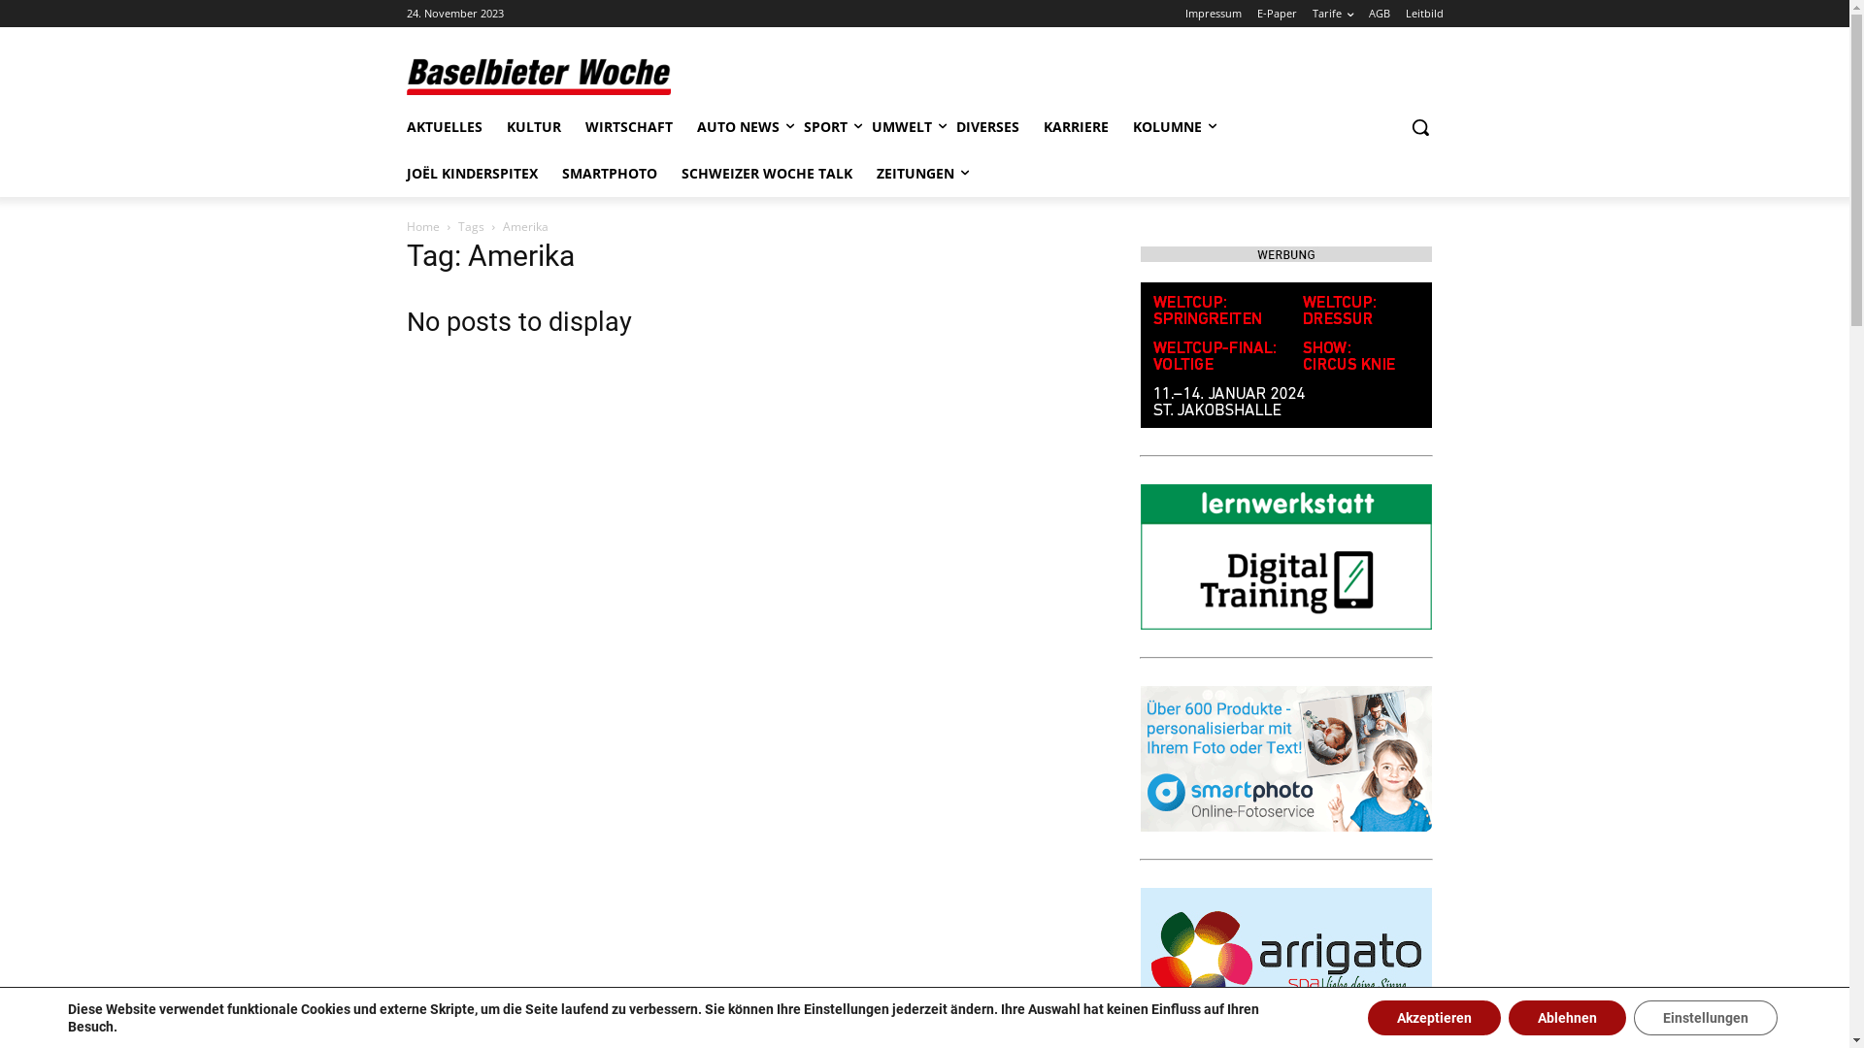 This screenshot has height=1048, width=1864. What do you see at coordinates (766, 172) in the screenshot?
I see `'SCHWEIZER WOCHE TALK'` at bounding box center [766, 172].